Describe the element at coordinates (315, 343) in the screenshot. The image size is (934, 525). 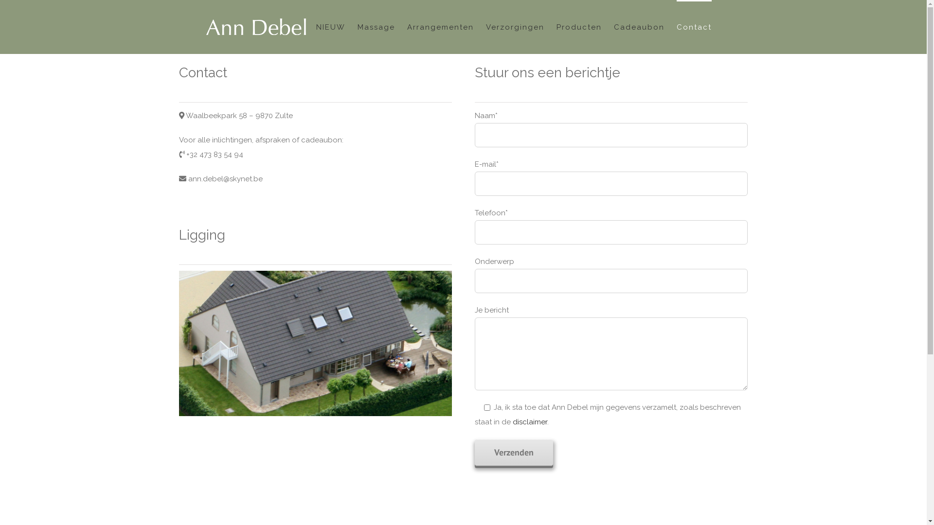
I see `'luchtfoto-tuin'` at that location.